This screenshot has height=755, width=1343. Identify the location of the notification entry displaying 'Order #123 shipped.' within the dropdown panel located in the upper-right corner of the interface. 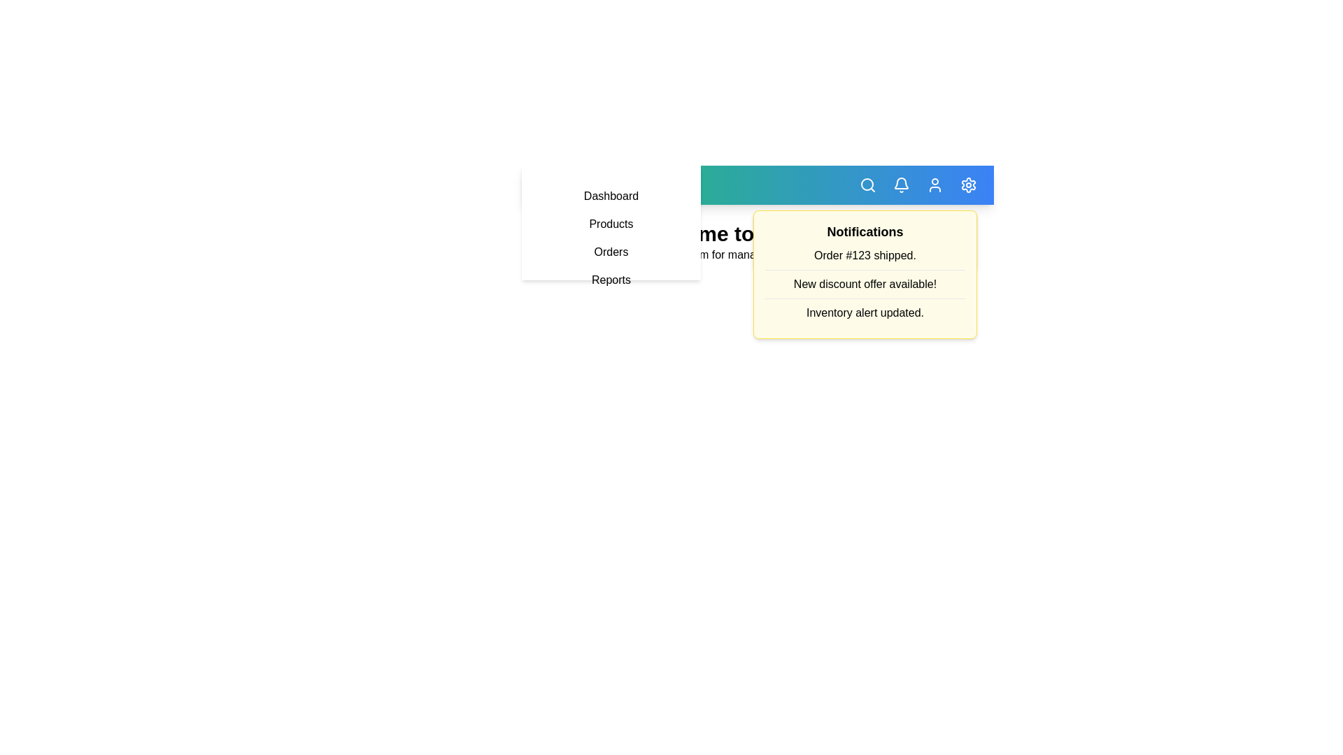
(865, 256).